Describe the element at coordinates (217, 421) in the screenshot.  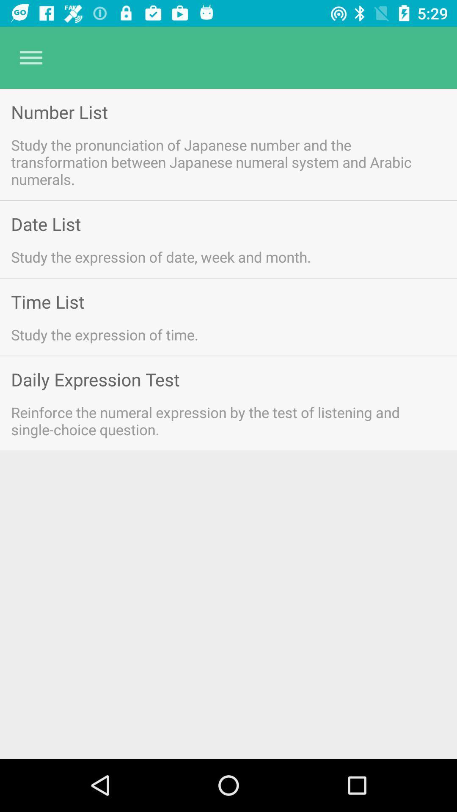
I see `icon below daily expression test` at that location.